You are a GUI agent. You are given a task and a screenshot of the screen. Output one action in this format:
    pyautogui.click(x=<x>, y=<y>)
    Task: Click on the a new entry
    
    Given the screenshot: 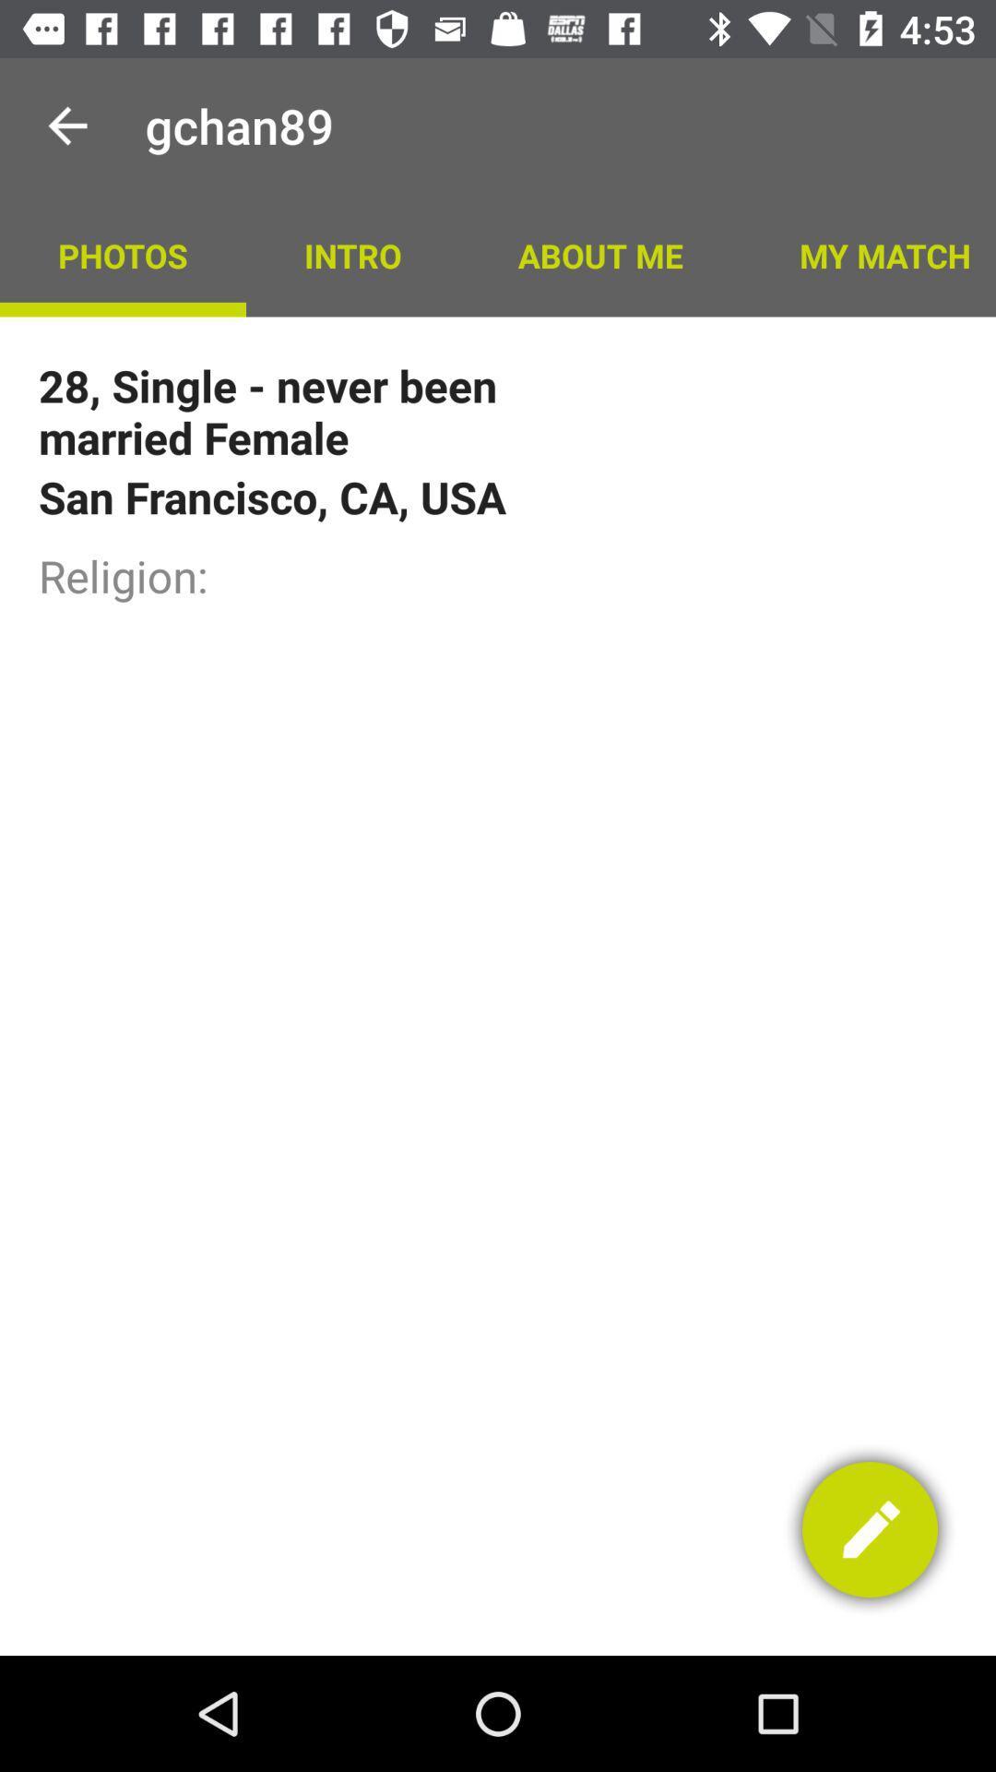 What is the action you would take?
    pyautogui.click(x=870, y=1529)
    